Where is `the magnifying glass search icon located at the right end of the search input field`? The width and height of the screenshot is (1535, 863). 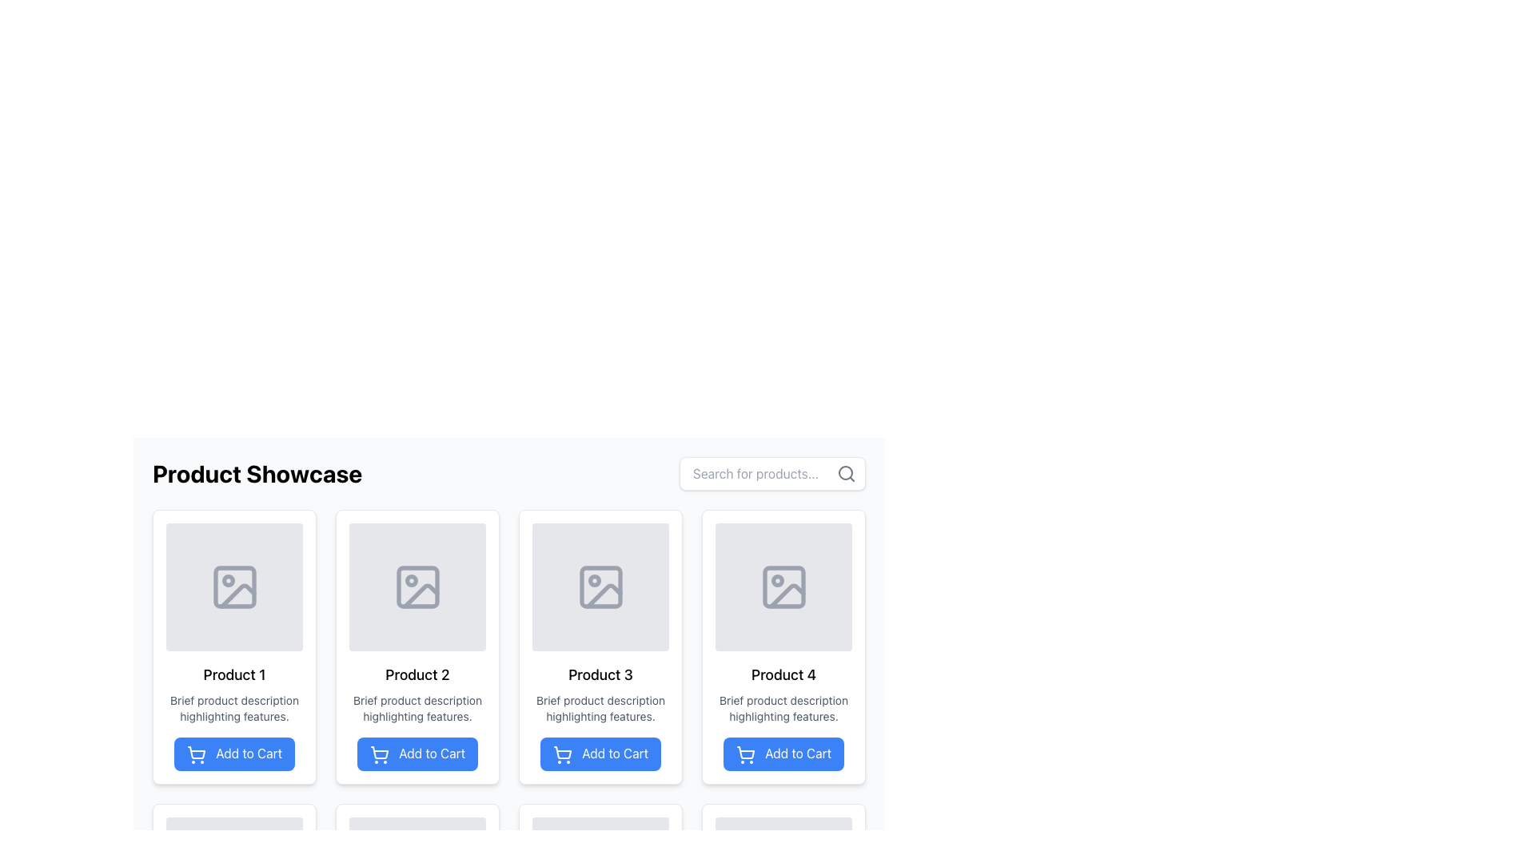 the magnifying glass search icon located at the right end of the search input field is located at coordinates (846, 473).